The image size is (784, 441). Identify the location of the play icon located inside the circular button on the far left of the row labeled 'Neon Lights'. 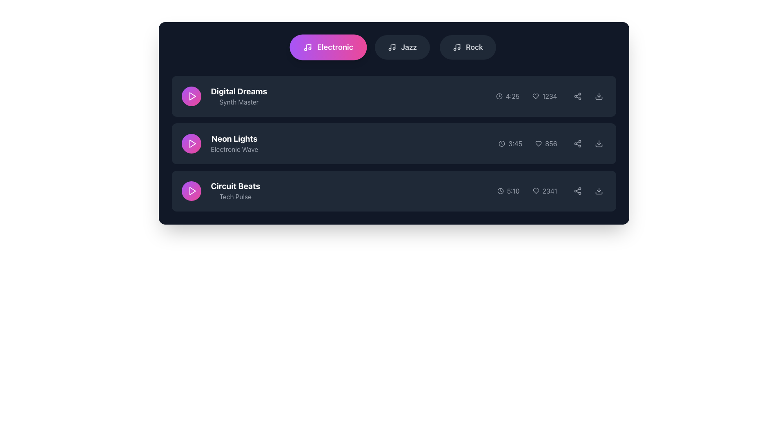
(192, 143).